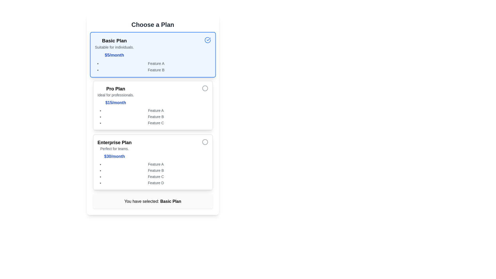  Describe the element at coordinates (115, 95) in the screenshot. I see `the static text element that reads 'Ideal for professionals.', positioned below the 'Pro Plan' title and above the price text, which is centrally aligned within the 'Pro Plan' section` at that location.